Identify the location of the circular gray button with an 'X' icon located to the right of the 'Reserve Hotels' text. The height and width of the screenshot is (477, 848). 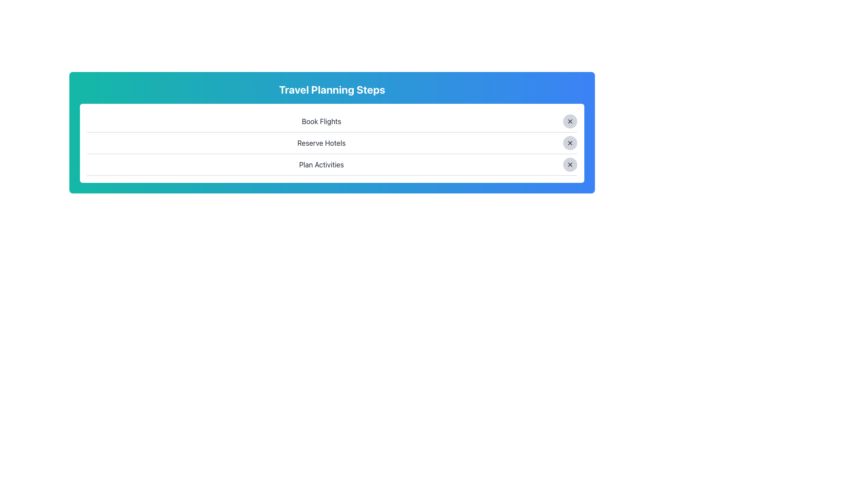
(570, 143).